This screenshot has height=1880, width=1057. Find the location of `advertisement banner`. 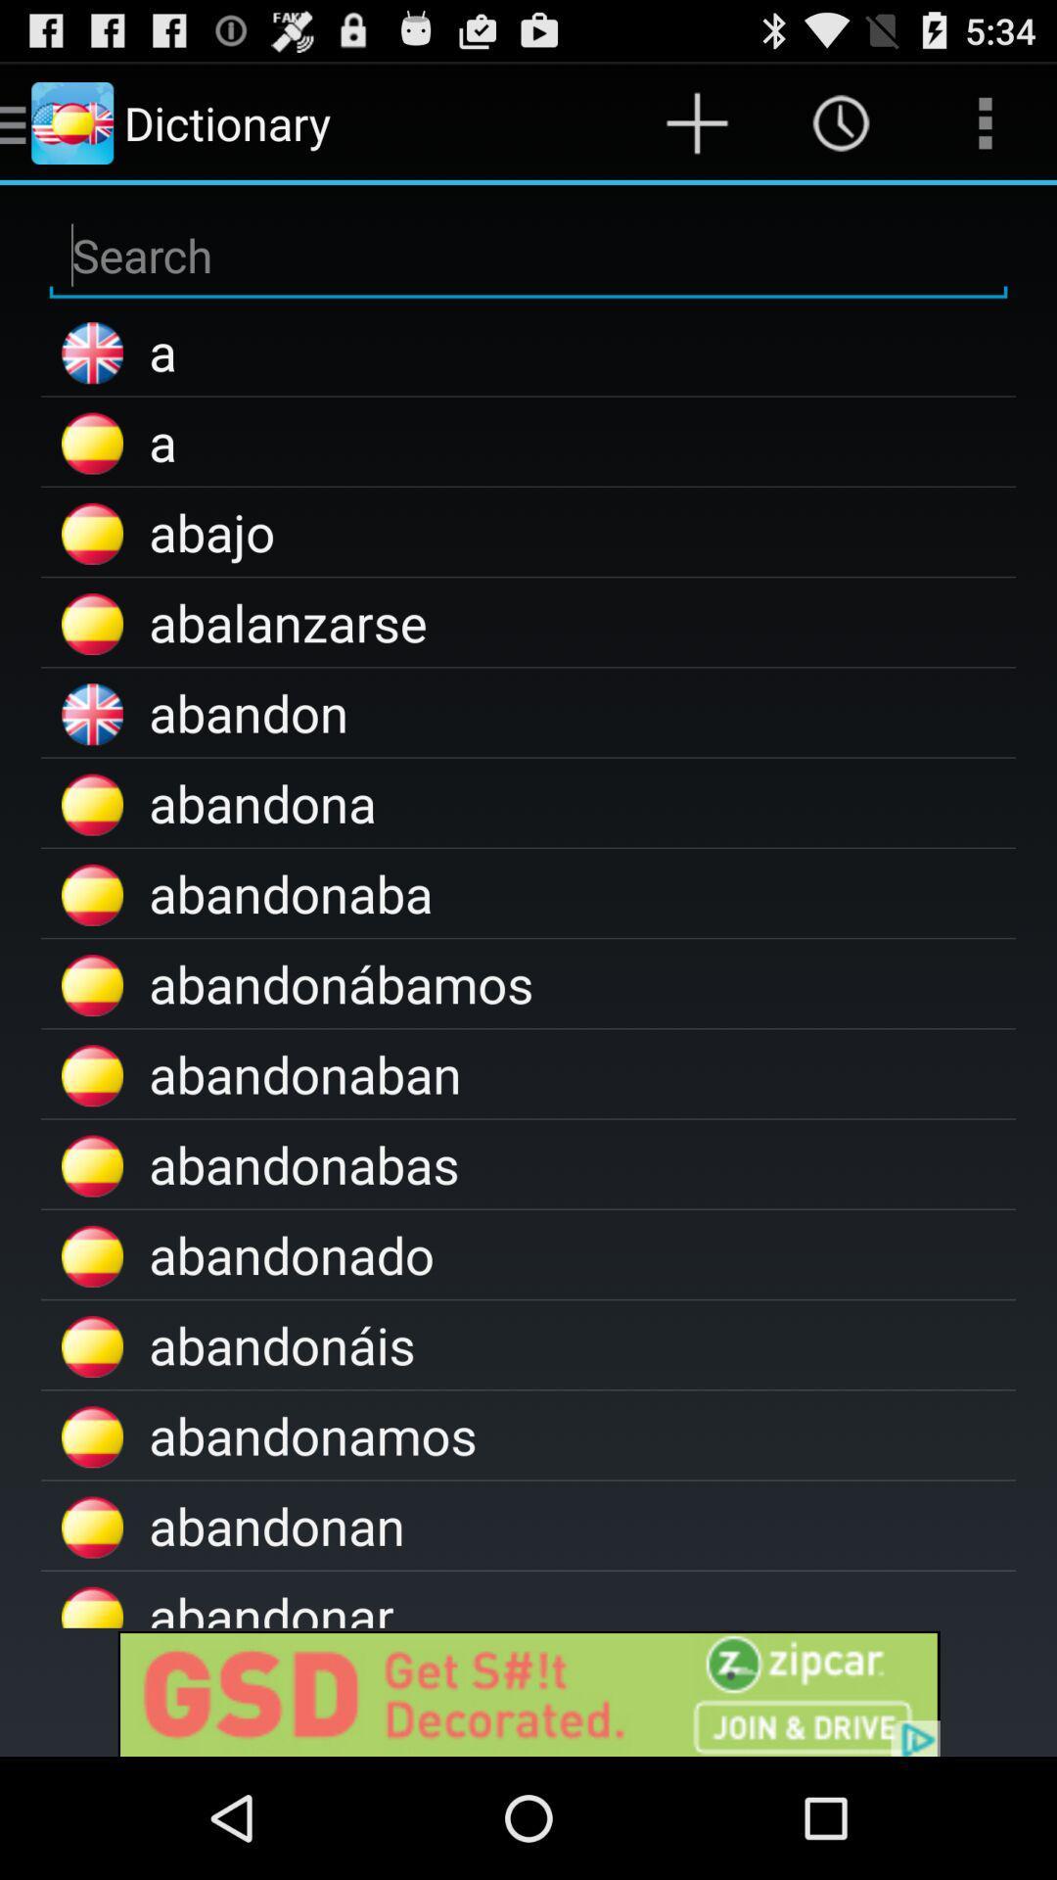

advertisement banner is located at coordinates (528, 1691).